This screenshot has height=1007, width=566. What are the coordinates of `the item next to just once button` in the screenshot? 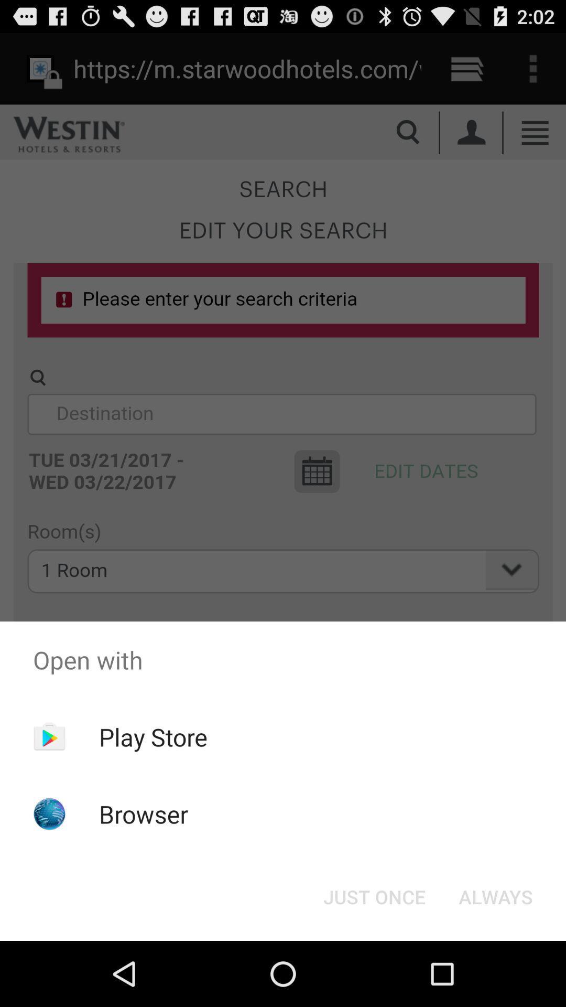 It's located at (495, 896).